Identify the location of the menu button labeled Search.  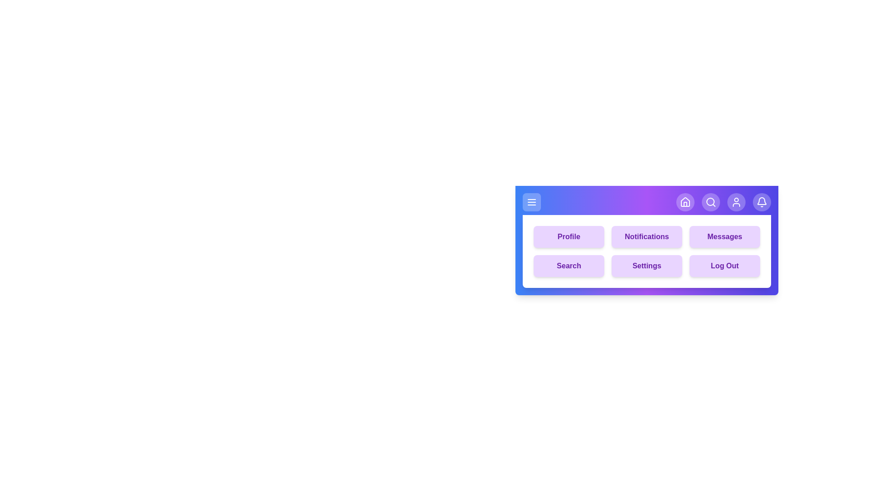
(568, 266).